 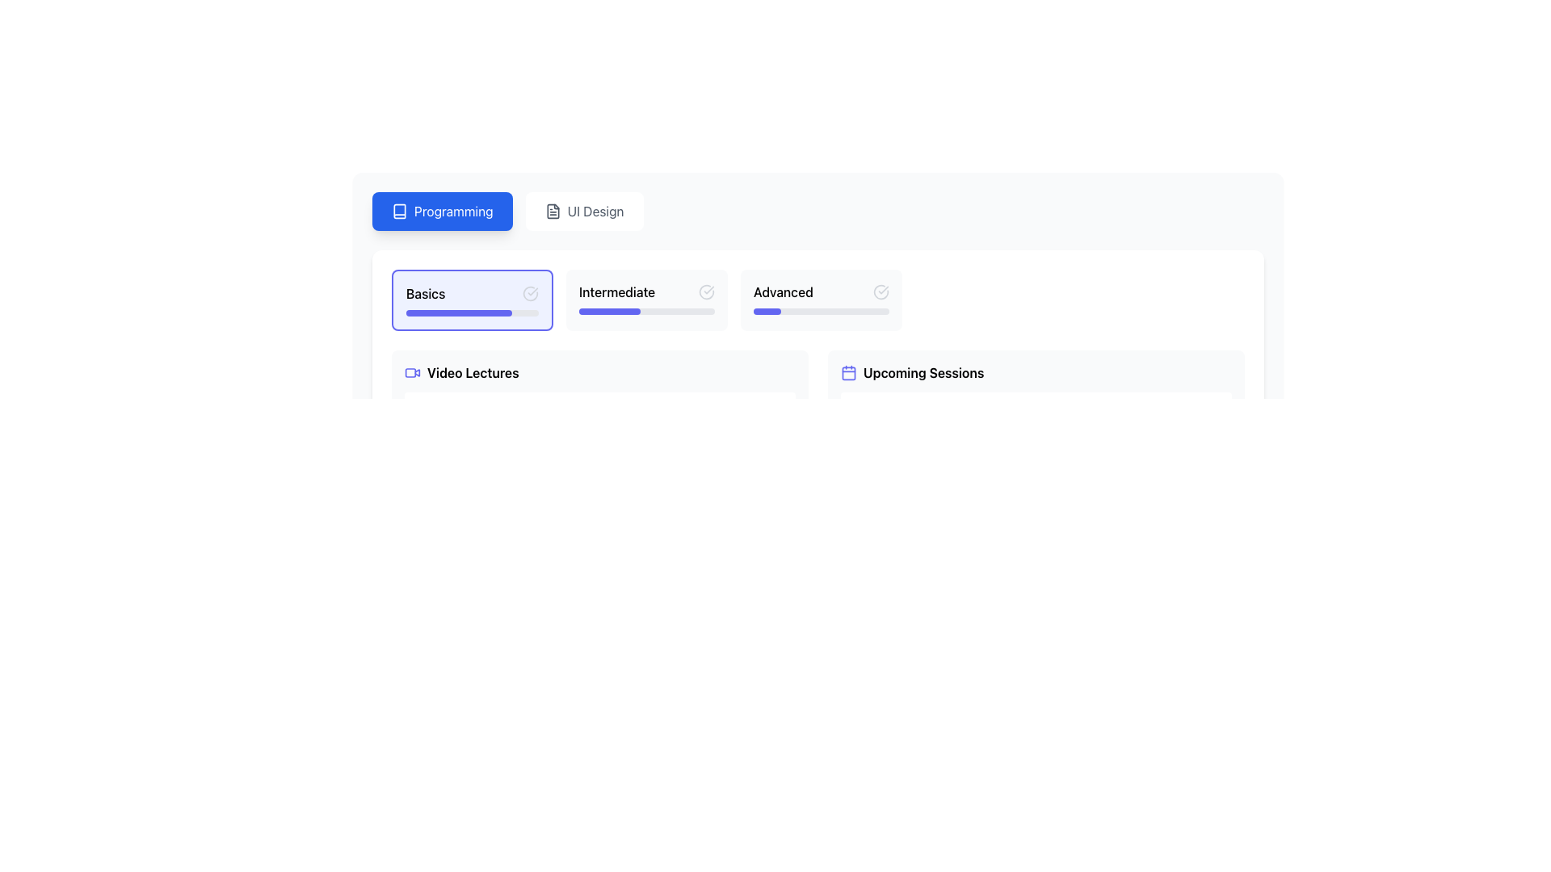 I want to click on the status indicator checkmark icon located in the top-right corner of the 'Advanced' content card, adjacent to the 'Intermediate' card, so click(x=880, y=292).